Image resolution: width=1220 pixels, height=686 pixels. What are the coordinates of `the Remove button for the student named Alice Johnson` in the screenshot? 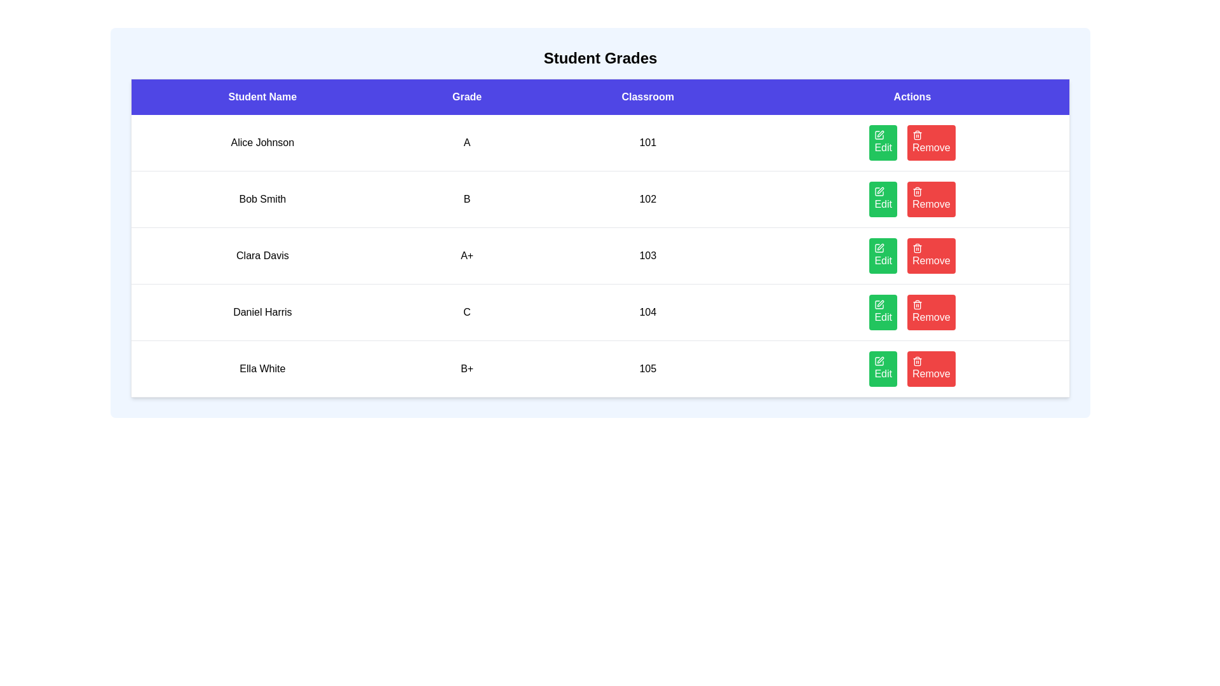 It's located at (930, 142).